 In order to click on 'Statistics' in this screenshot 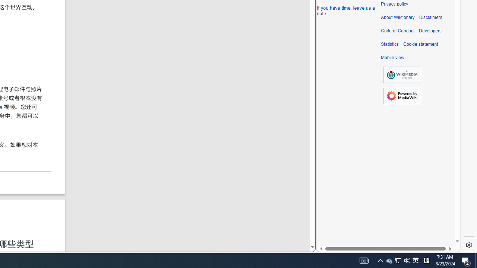, I will do `click(389, 44)`.